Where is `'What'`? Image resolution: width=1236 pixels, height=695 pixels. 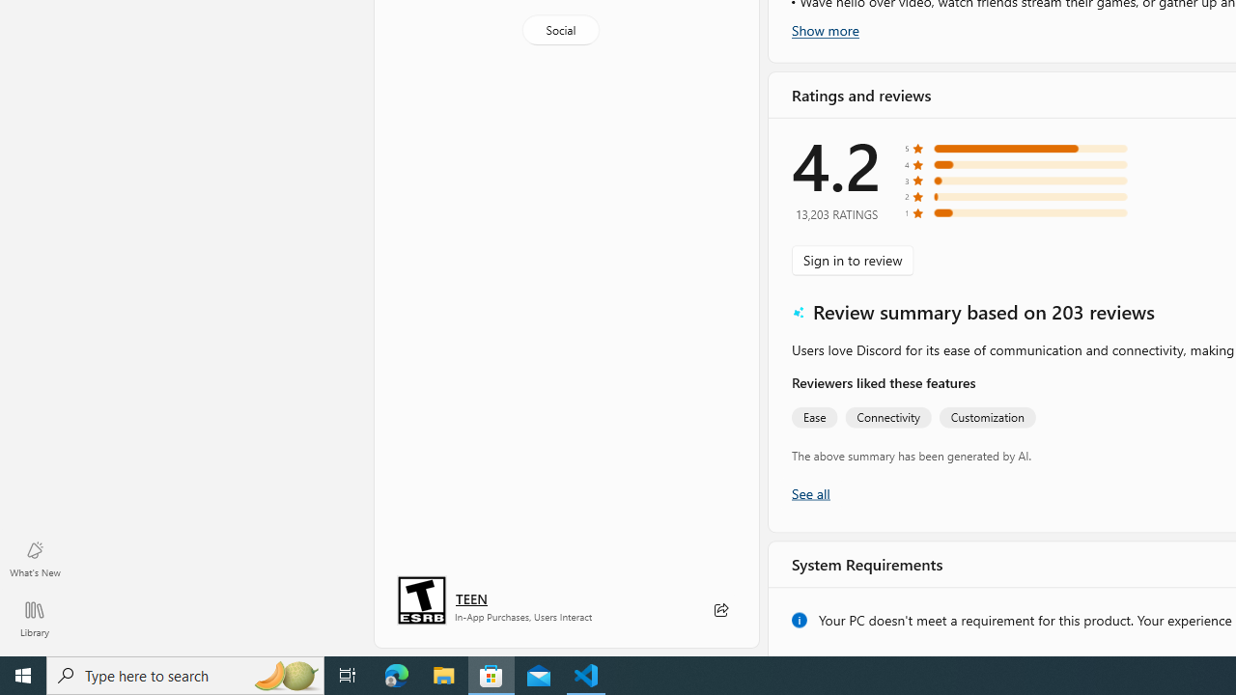
'What' is located at coordinates (34, 558).